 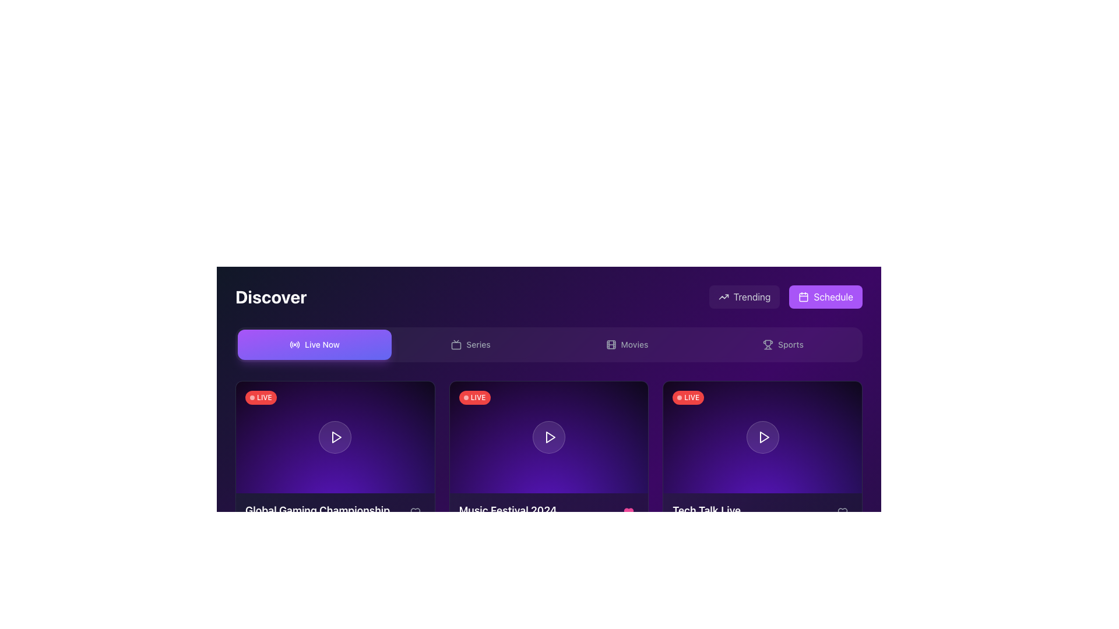 I want to click on the heart-shaped icon in the bottom-right corner of the 'Music Festival 2024' section to favorite or like the content, so click(x=415, y=511).